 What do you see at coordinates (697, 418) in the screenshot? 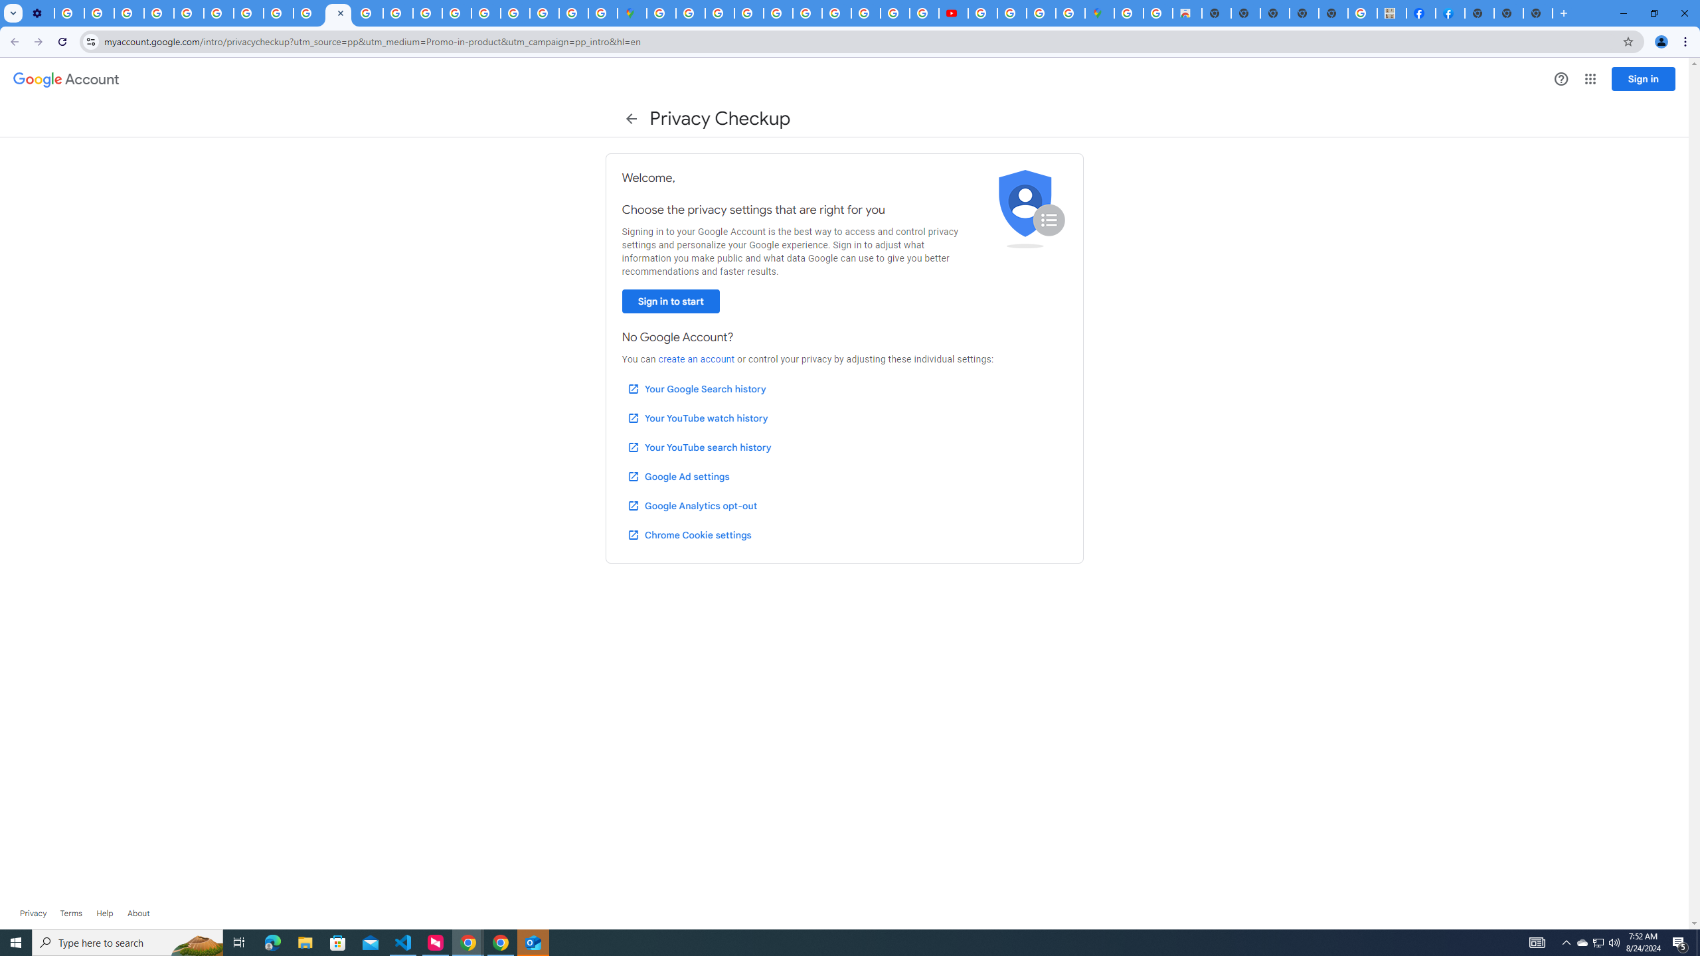
I see `'Your YouTube watch history'` at bounding box center [697, 418].